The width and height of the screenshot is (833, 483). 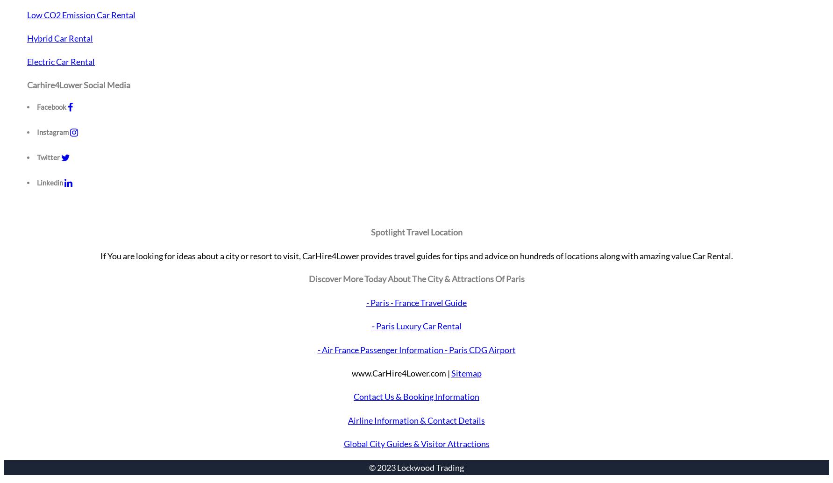 What do you see at coordinates (416, 396) in the screenshot?
I see `'Contact Us & Booking Information'` at bounding box center [416, 396].